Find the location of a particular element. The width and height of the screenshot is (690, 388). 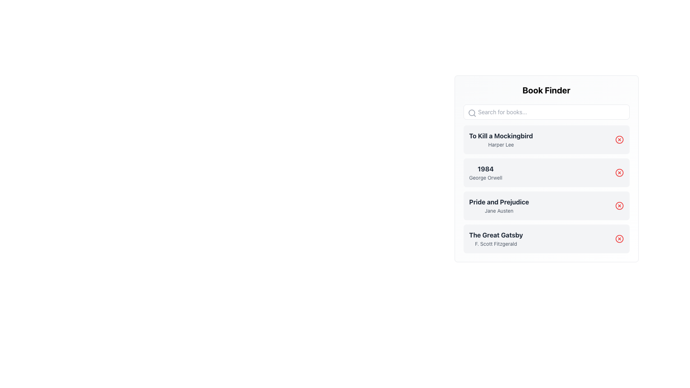

the title of the fourth book entry in the 'Book Finder' list for more information is located at coordinates (546, 239).